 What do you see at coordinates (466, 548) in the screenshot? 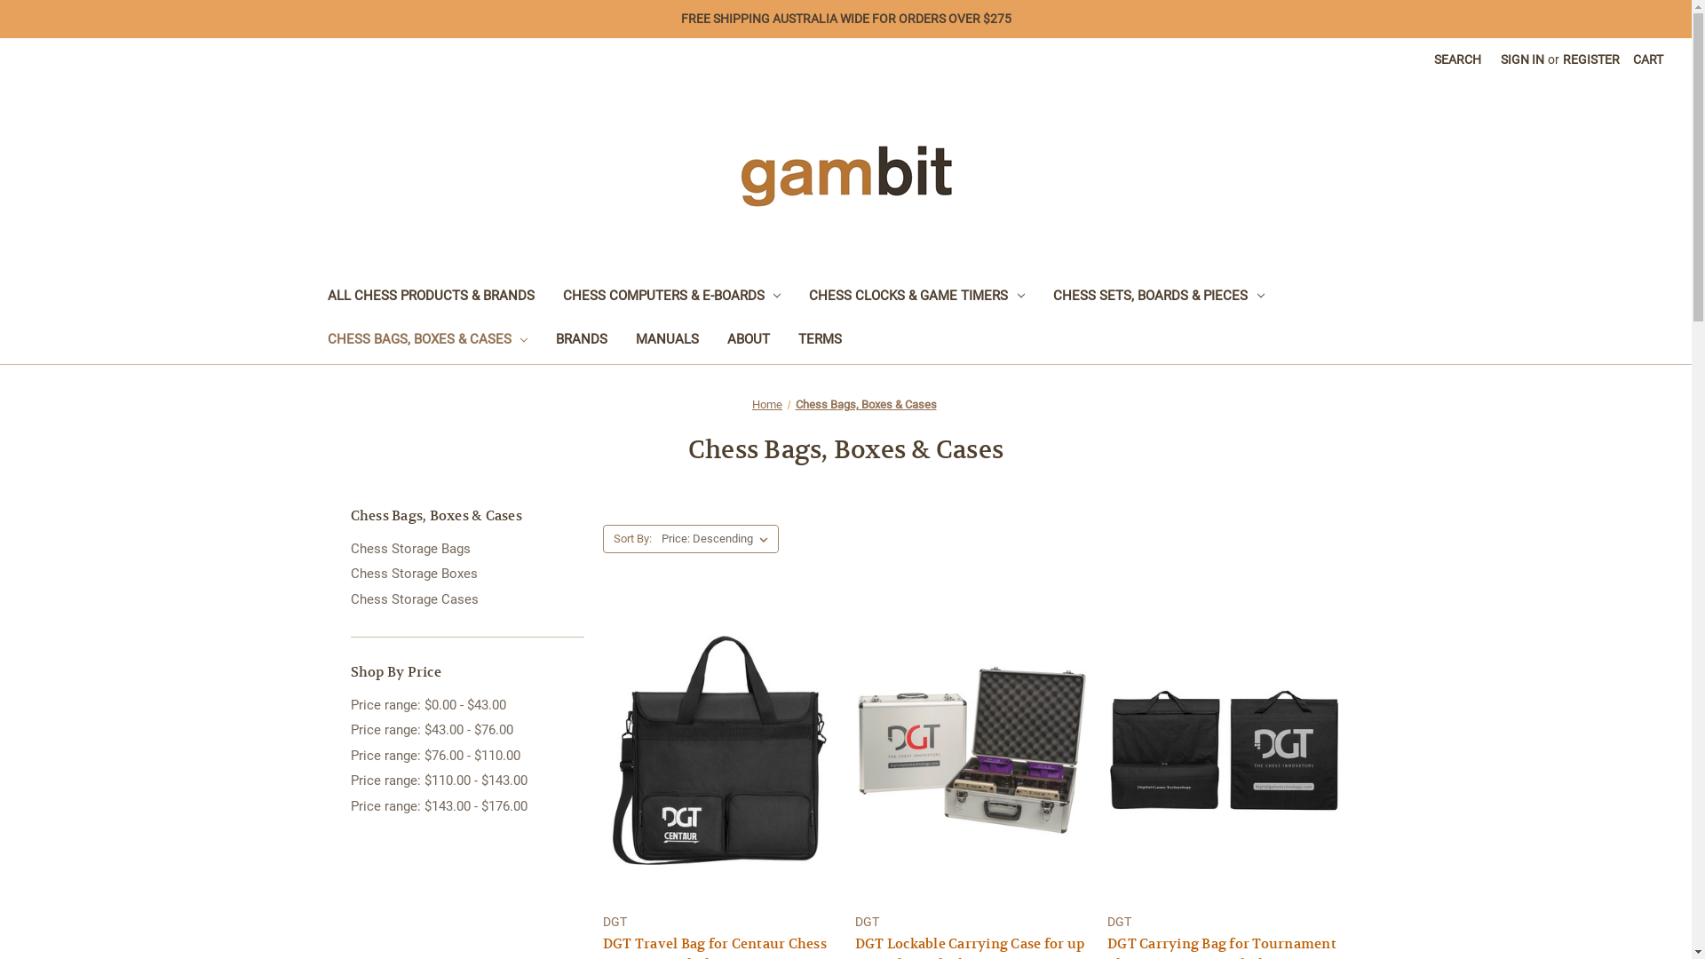
I see `'Chess Storage Bags'` at bounding box center [466, 548].